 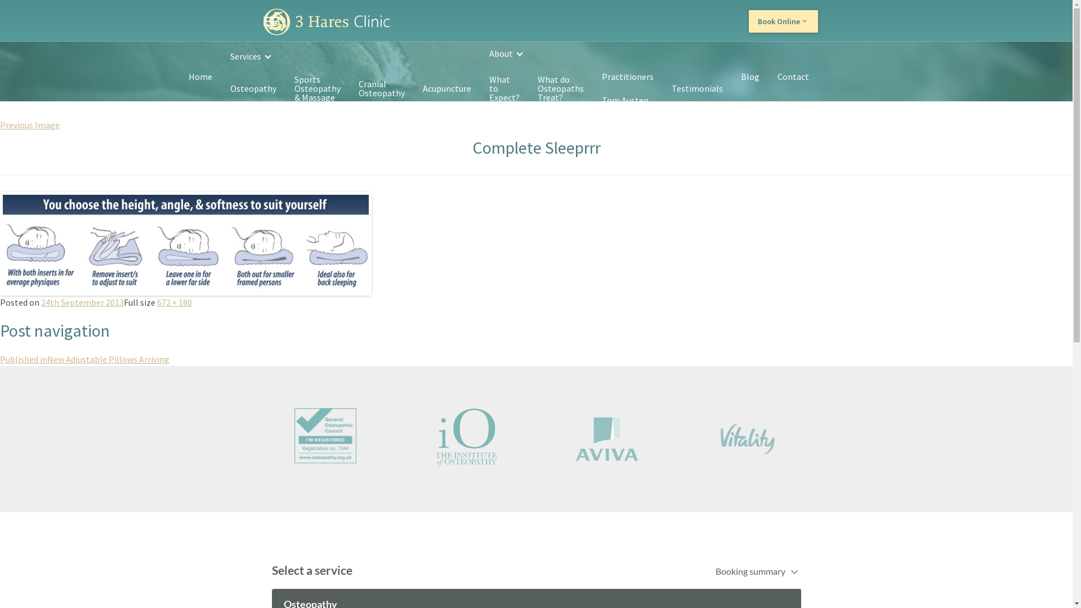 What do you see at coordinates (252, 88) in the screenshot?
I see `'Osteopathy'` at bounding box center [252, 88].